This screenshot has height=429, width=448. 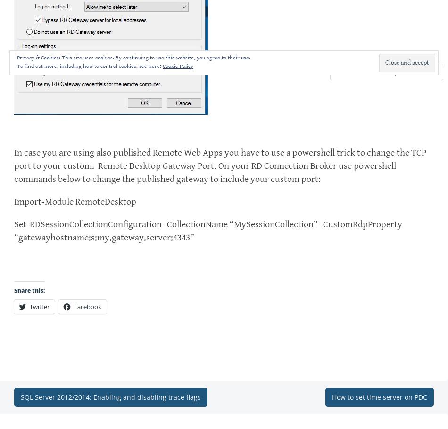 What do you see at coordinates (111, 397) in the screenshot?
I see `'SQL Server 2012/2014: Enabling and disabling trace flags'` at bounding box center [111, 397].